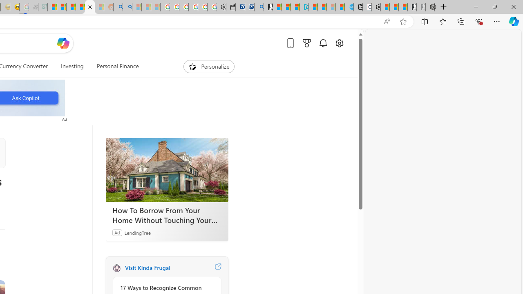  Describe the element at coordinates (306, 43) in the screenshot. I see `'Microsoft rewards'` at that location.